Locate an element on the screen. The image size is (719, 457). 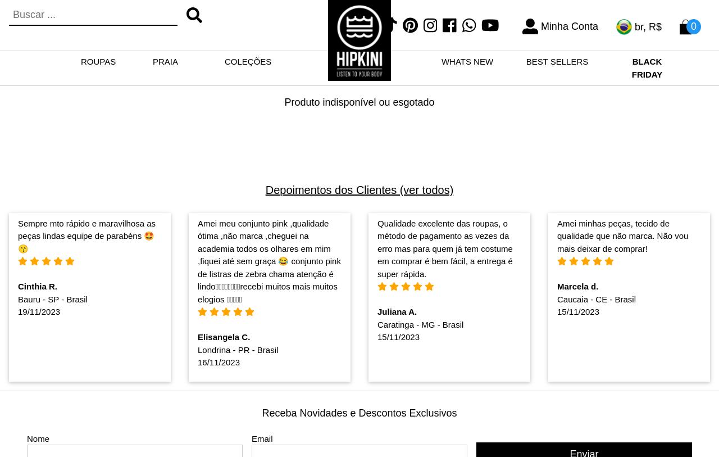
'Receba Novidades e Descontos Exclusivos' is located at coordinates (358, 412).